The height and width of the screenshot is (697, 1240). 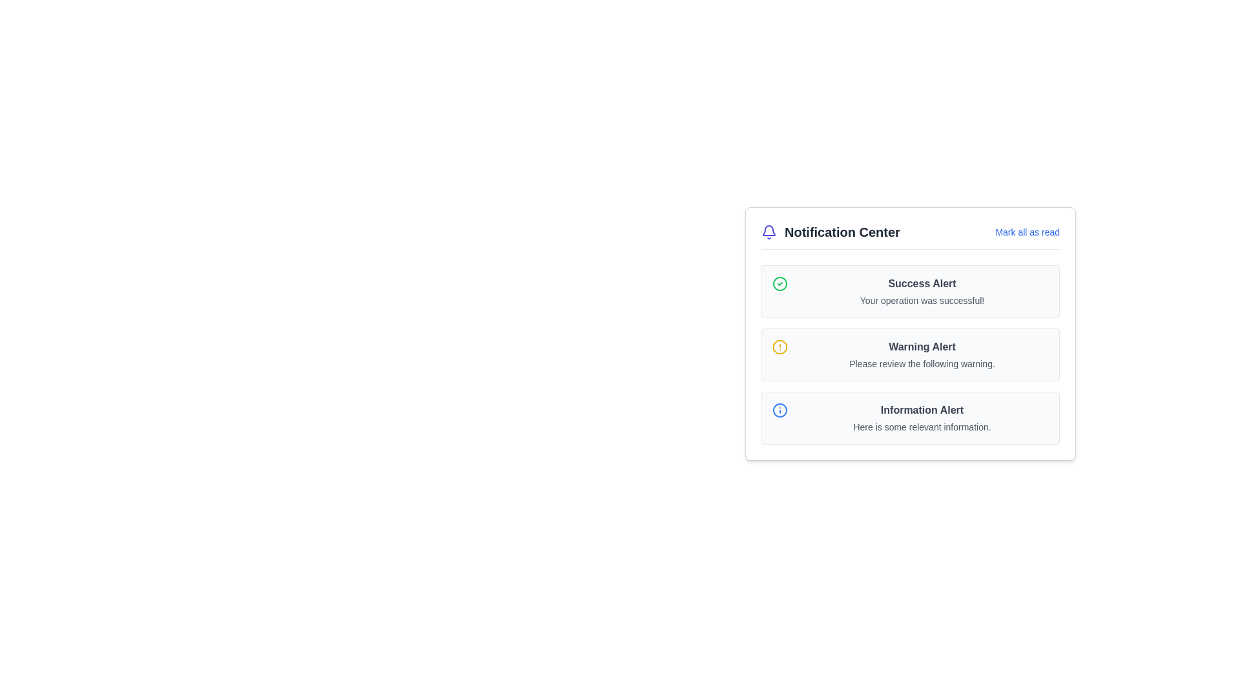 What do you see at coordinates (922, 346) in the screenshot?
I see `the Heading text or label that serves as a title for the notification in the Notification Center interface, located in the center of the notification card, positioned between the 'Success Alert' and 'Information Alert'` at bounding box center [922, 346].